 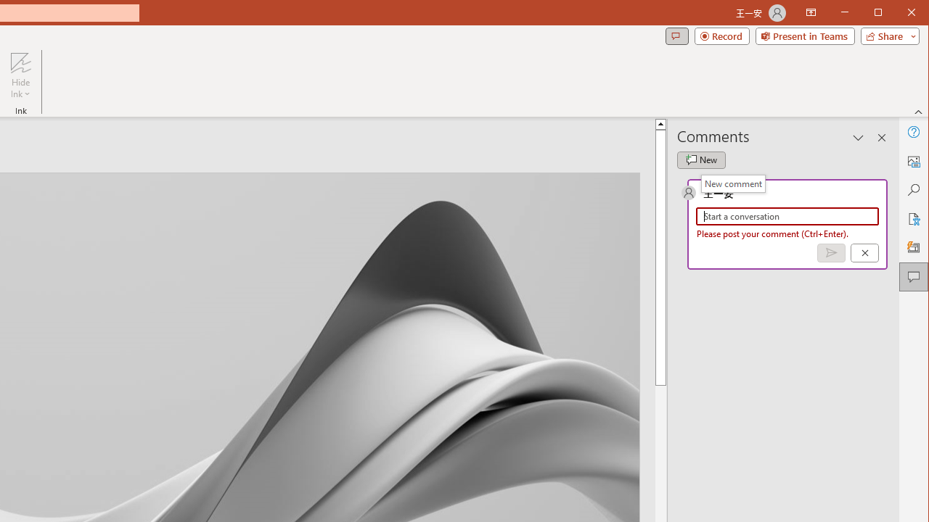 What do you see at coordinates (912, 132) in the screenshot?
I see `'Help'` at bounding box center [912, 132].